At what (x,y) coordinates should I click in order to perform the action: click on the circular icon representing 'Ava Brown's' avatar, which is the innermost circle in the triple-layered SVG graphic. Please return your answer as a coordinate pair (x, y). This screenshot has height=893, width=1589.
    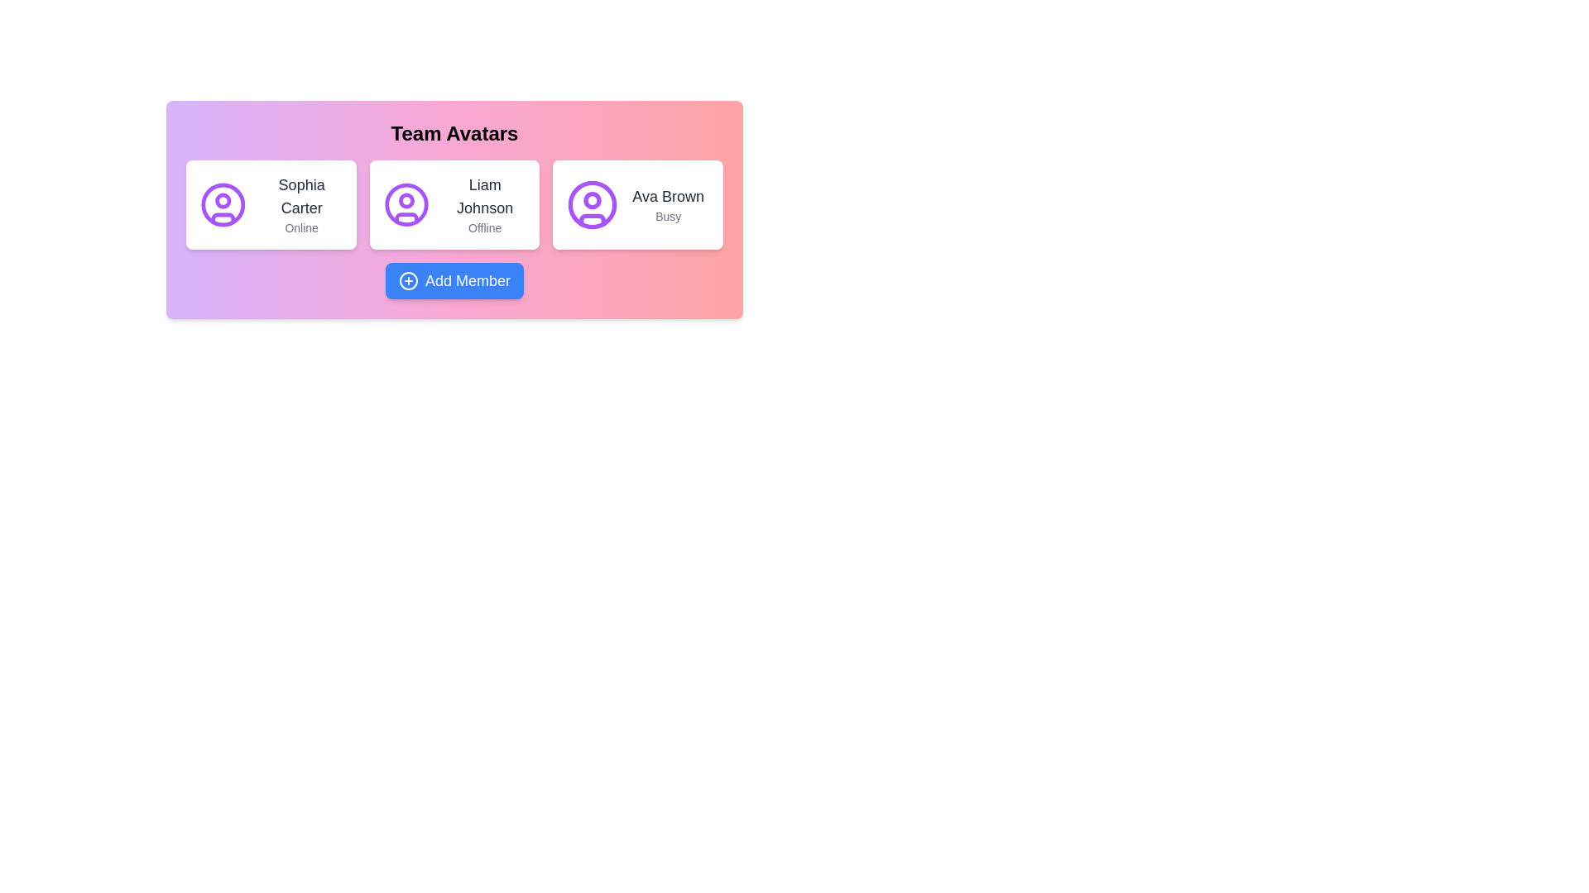
    Looking at the image, I should click on (593, 203).